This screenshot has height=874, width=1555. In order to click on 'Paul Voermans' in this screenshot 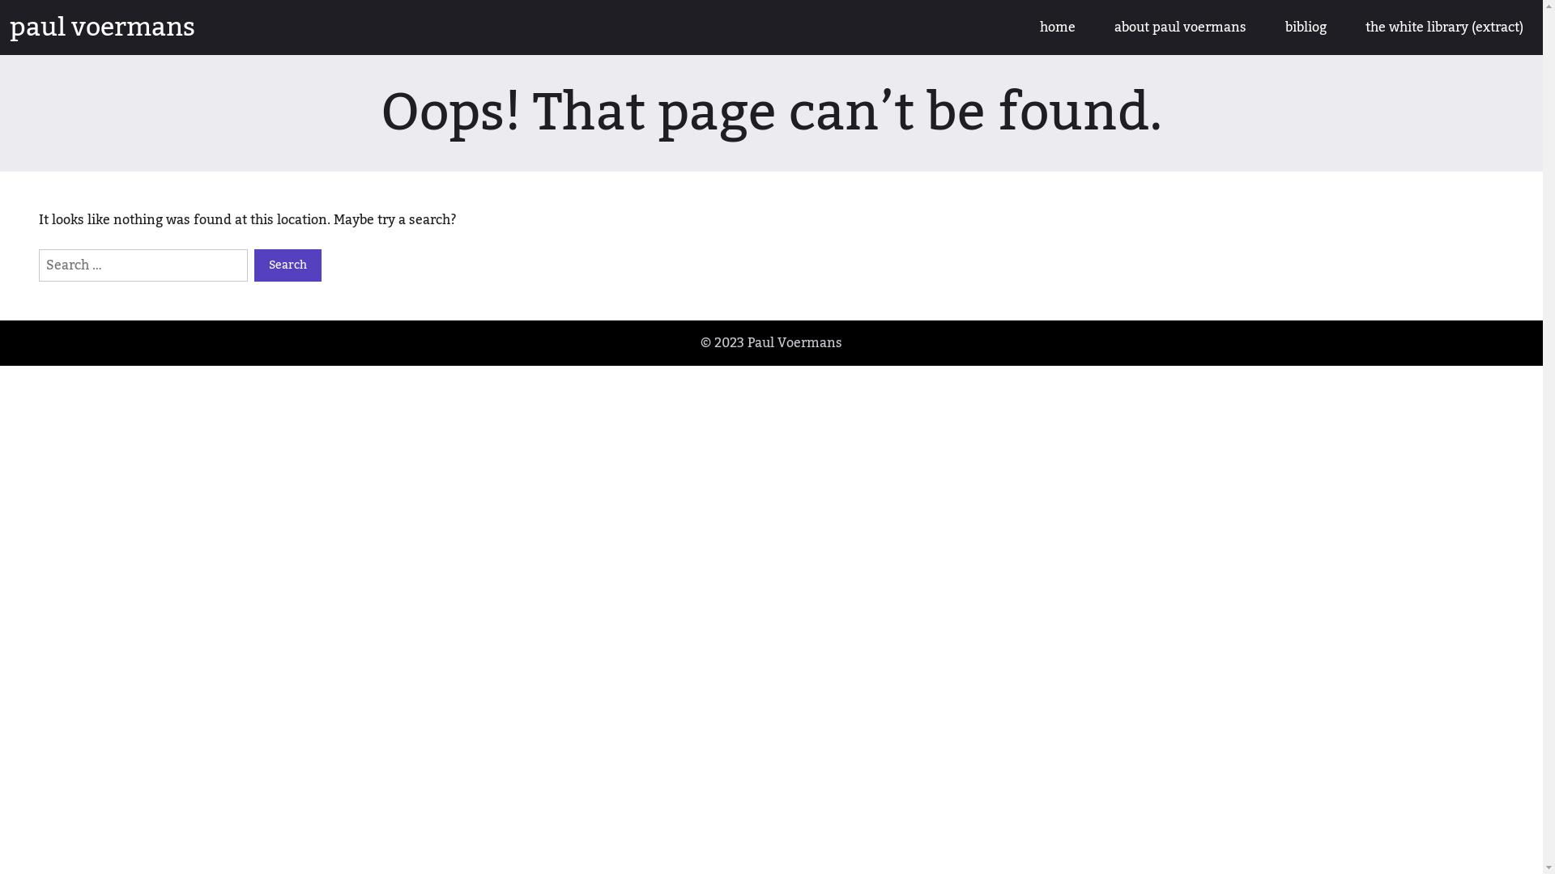, I will do `click(795, 342)`.